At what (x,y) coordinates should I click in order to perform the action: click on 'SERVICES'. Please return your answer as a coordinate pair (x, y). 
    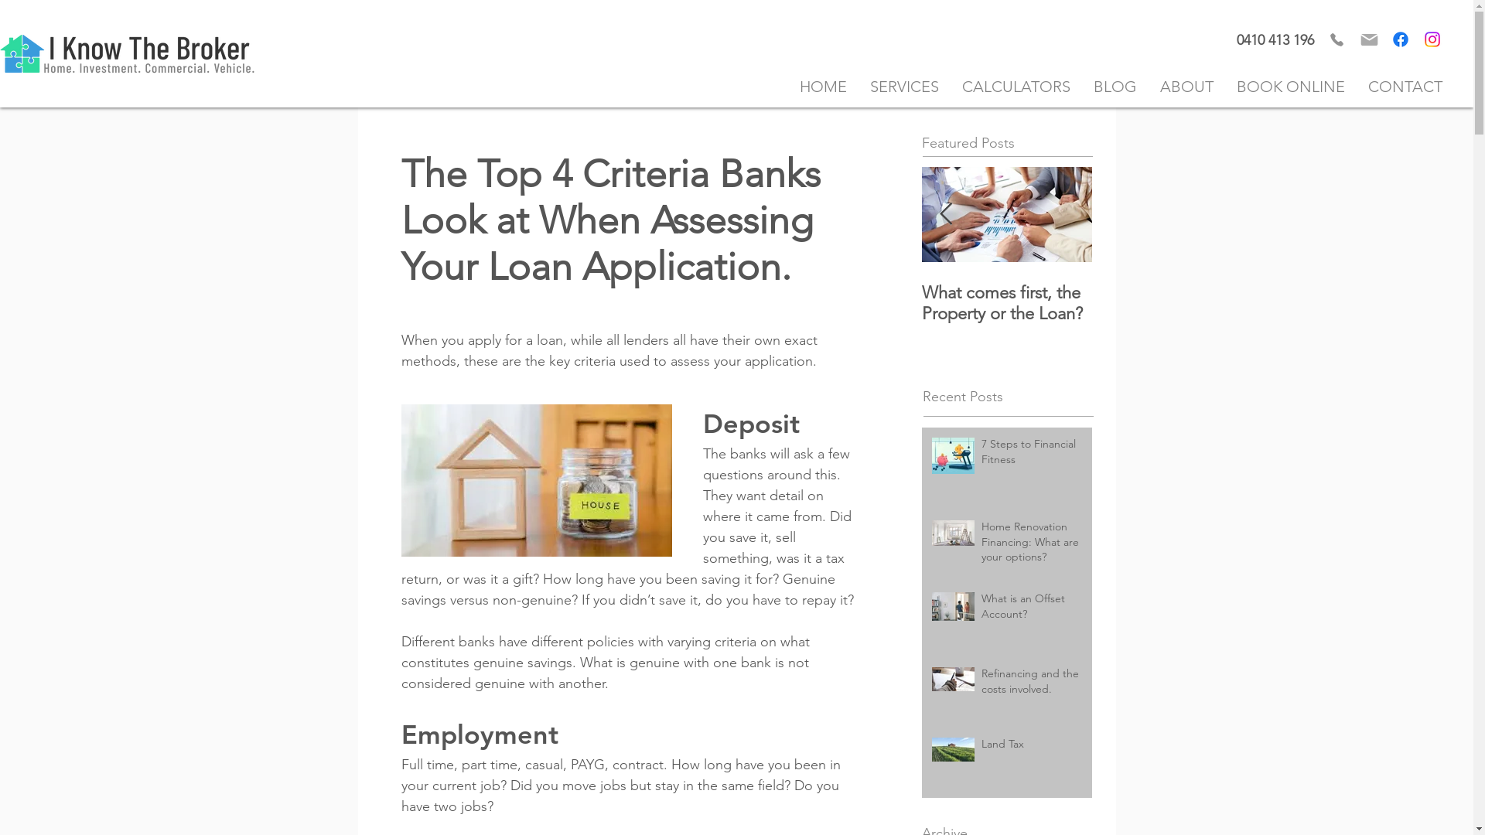
    Looking at the image, I should click on (904, 86).